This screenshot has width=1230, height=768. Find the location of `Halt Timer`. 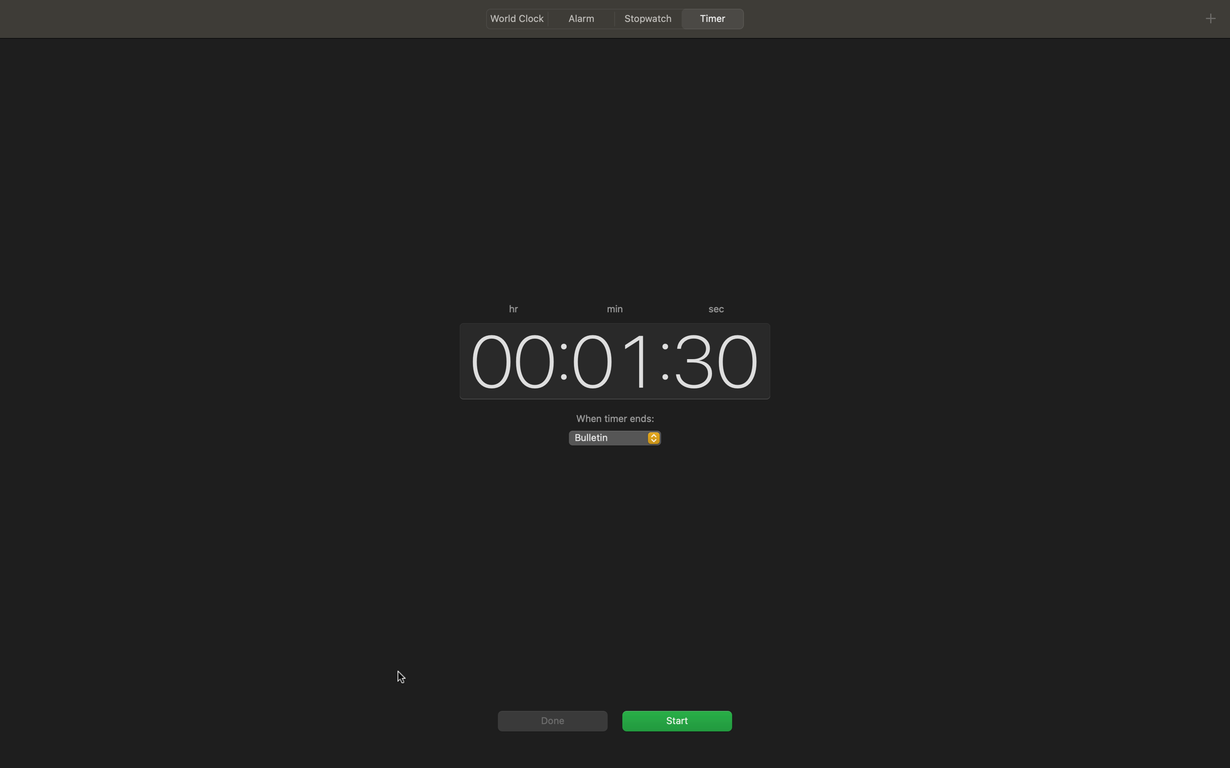

Halt Timer is located at coordinates (676, 720).